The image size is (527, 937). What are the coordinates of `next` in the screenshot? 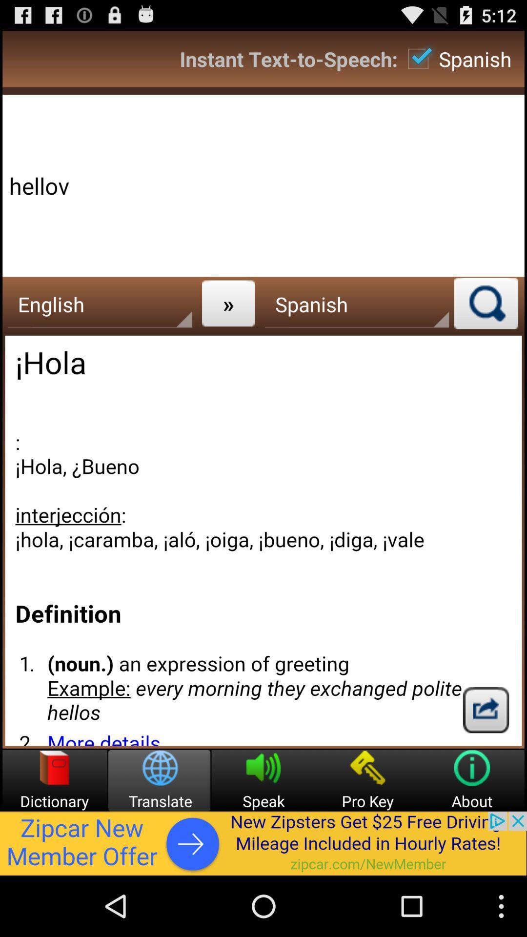 It's located at (486, 710).